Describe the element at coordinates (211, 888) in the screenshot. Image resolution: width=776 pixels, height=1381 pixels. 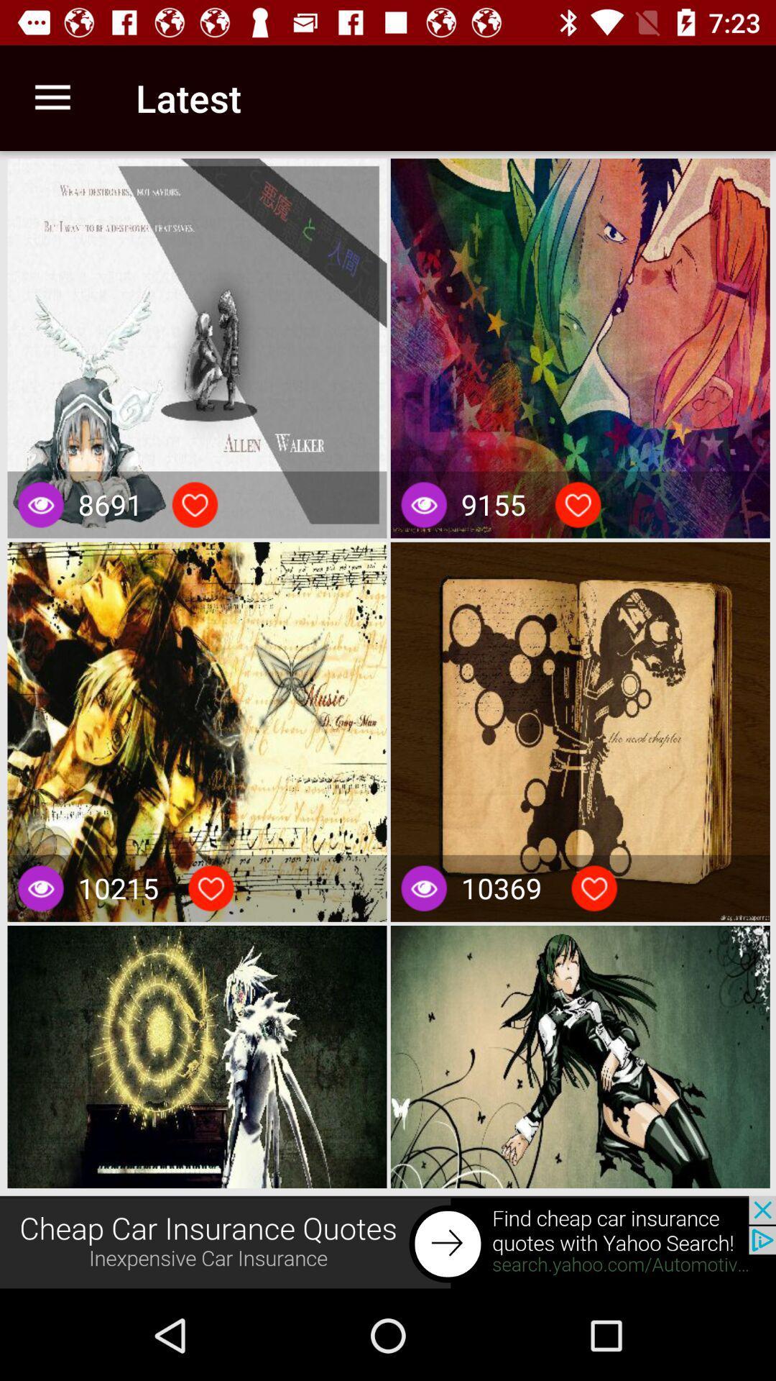
I see `user submission` at that location.